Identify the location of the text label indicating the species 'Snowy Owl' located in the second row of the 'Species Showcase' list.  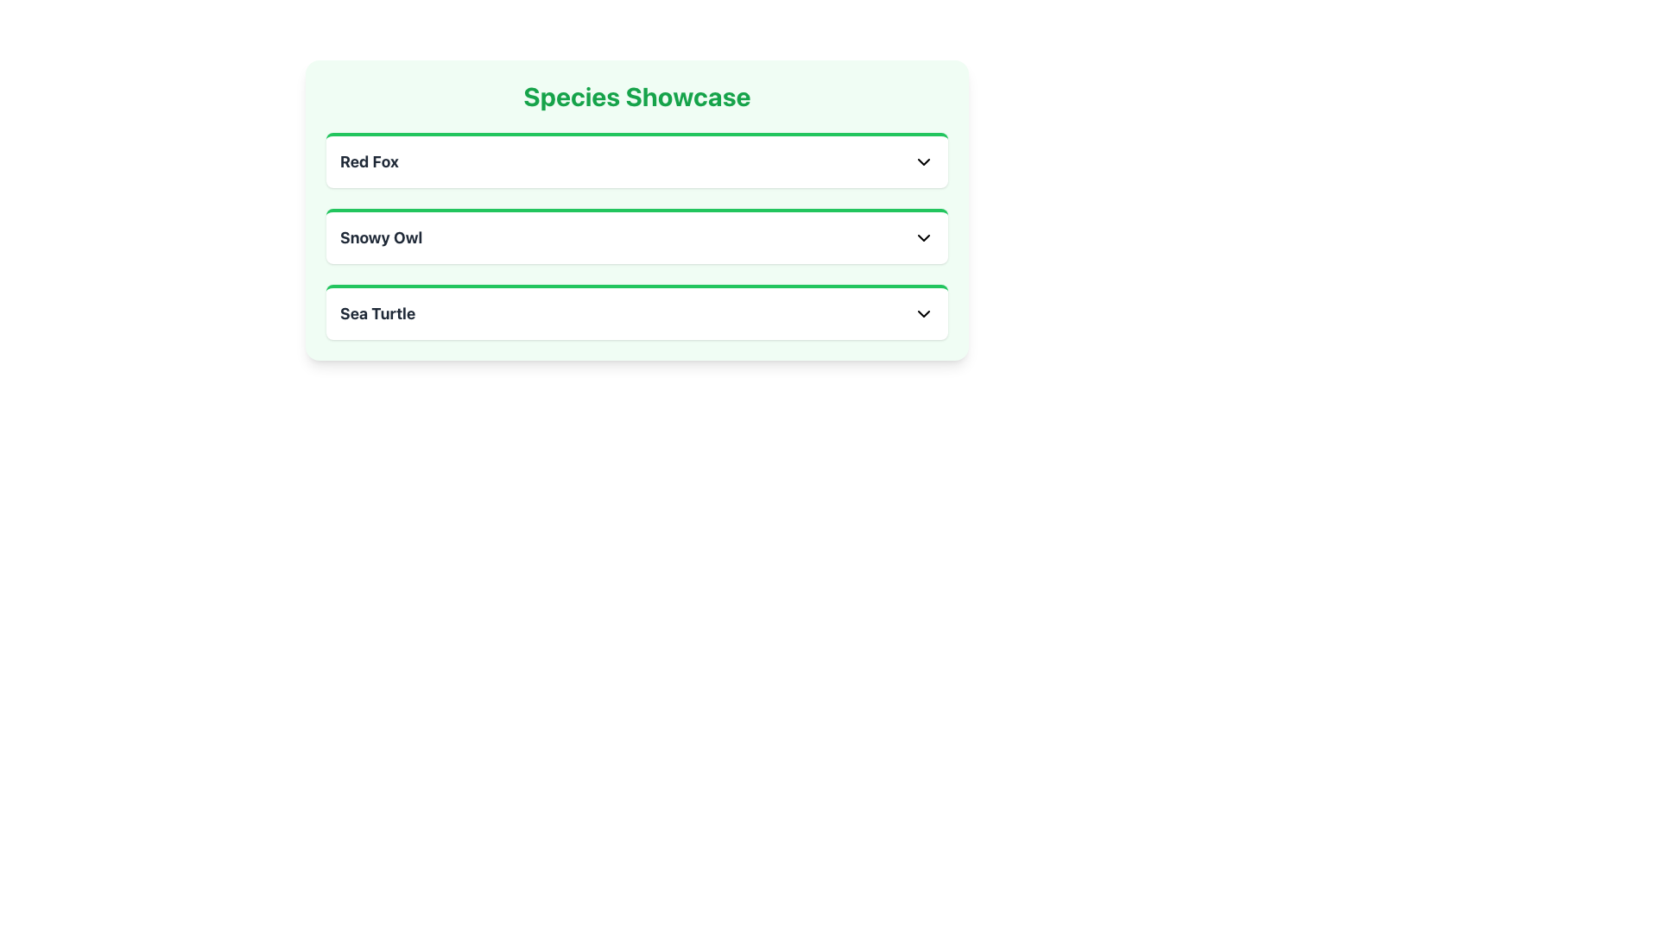
(380, 238).